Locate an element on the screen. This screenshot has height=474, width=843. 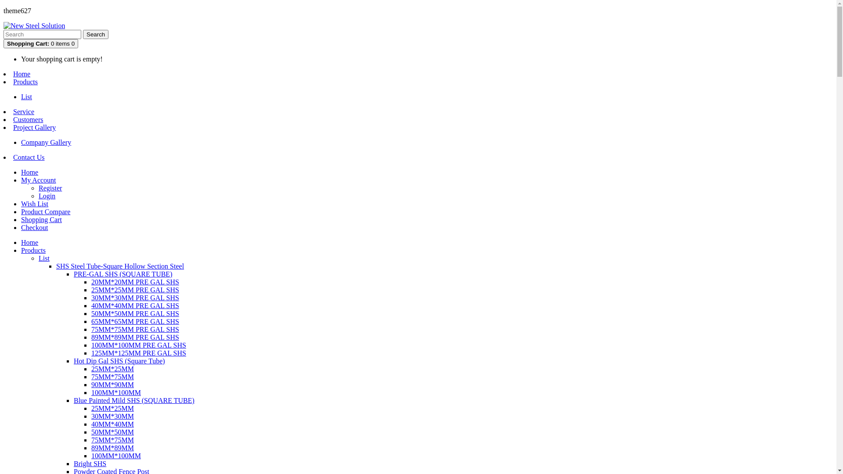
'Blue Painted Mild SHS (SQUARE TUBE)' is located at coordinates (133, 400).